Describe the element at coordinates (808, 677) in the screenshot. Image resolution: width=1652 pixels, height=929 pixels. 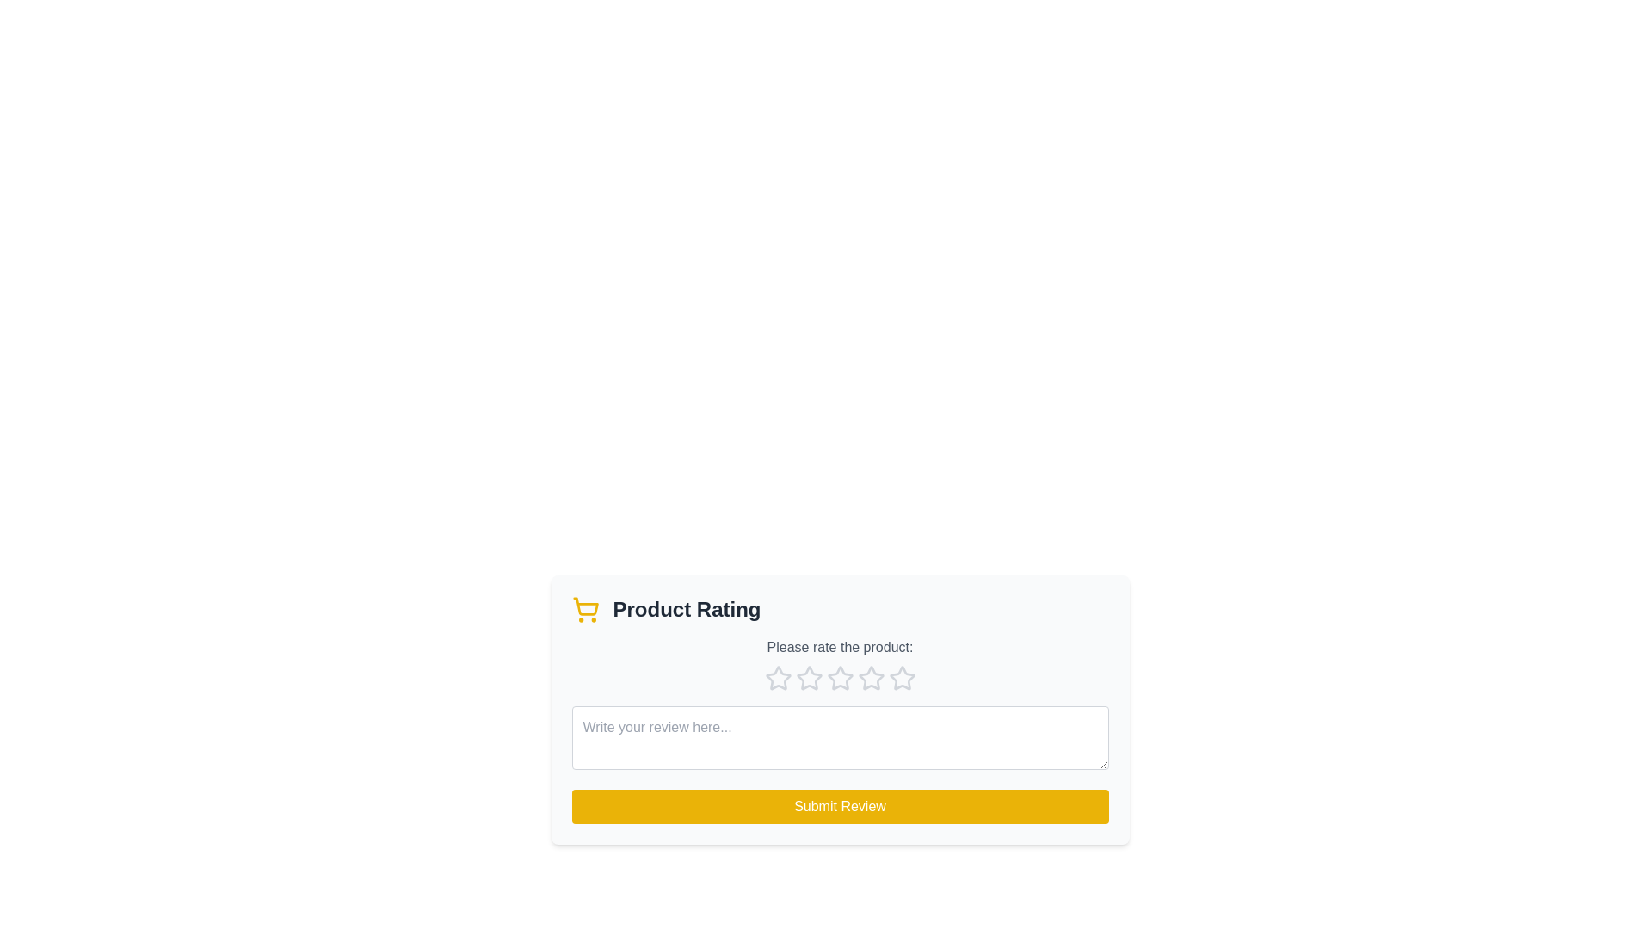
I see `the second star in the group of five rating stars` at that location.